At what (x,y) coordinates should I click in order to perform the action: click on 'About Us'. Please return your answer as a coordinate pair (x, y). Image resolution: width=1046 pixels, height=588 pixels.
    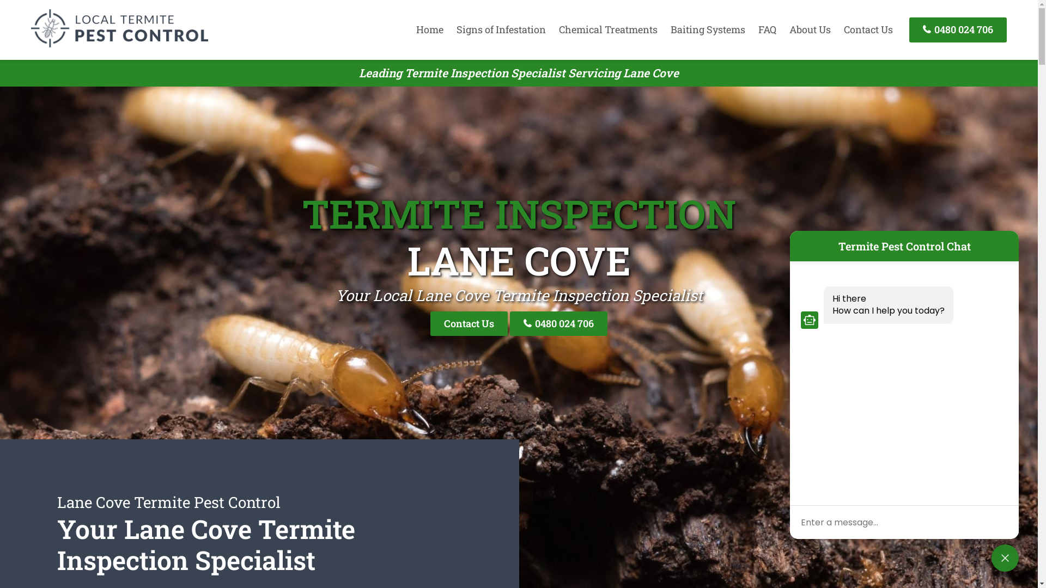
    Looking at the image, I should click on (810, 29).